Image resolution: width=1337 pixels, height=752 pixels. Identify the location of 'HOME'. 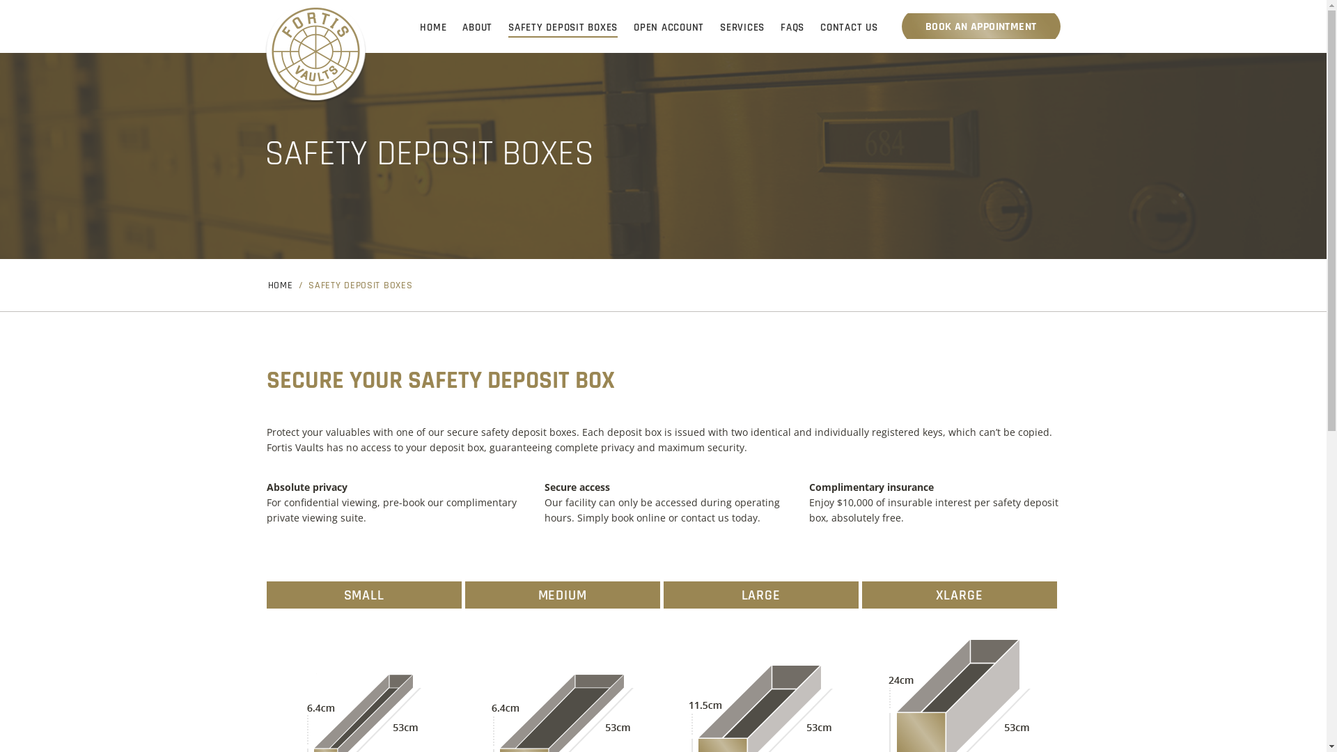
(279, 285).